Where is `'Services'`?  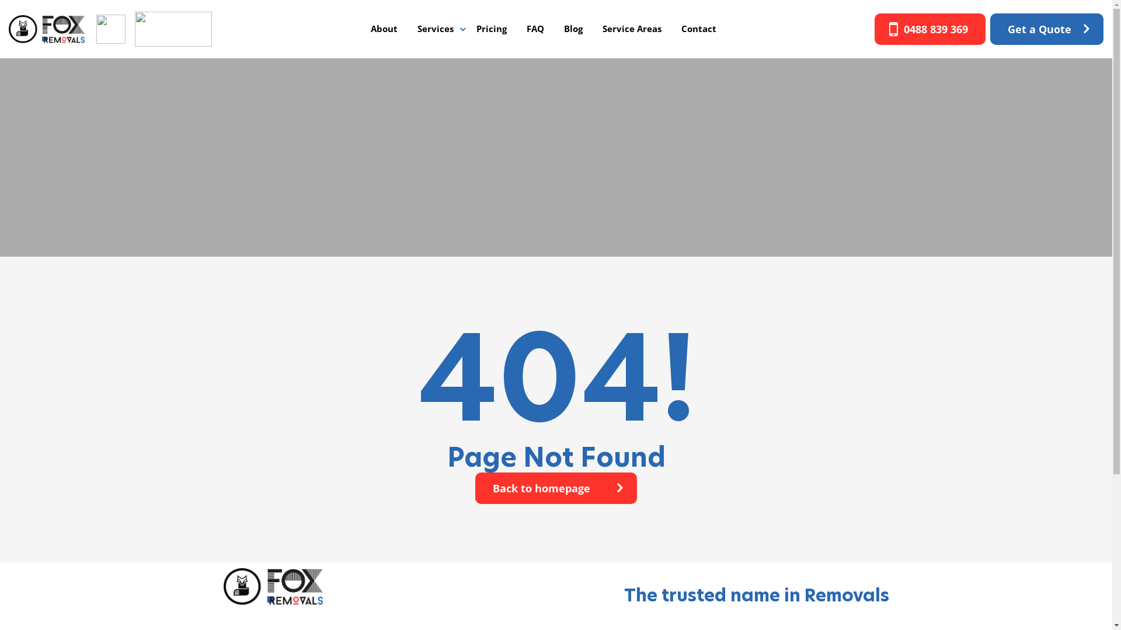 'Services' is located at coordinates (434, 28).